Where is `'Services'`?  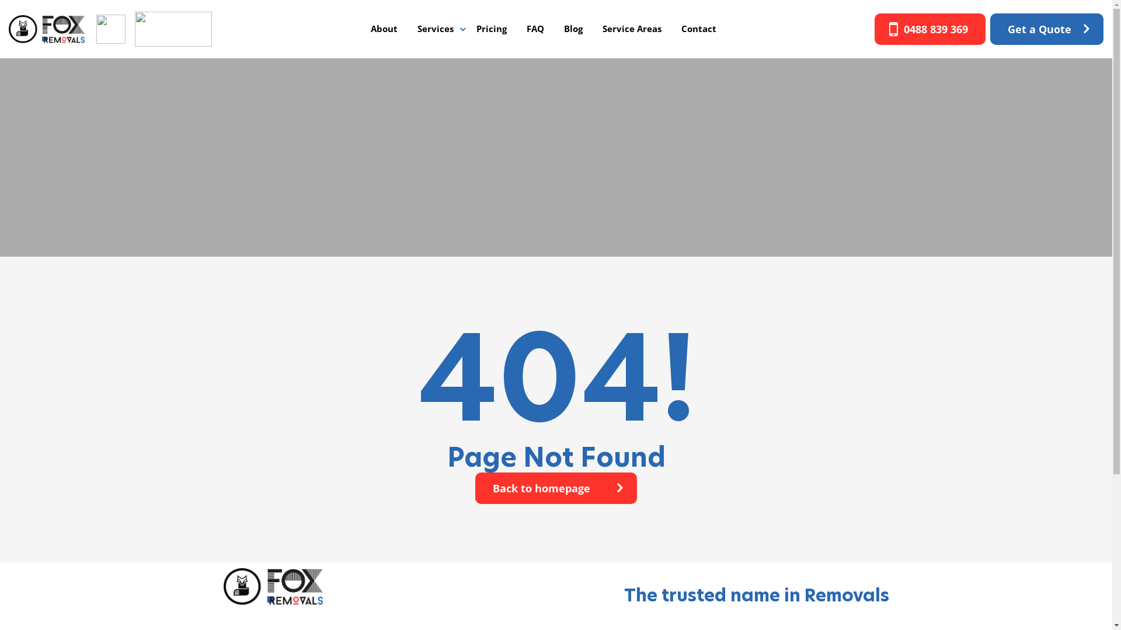 'Services' is located at coordinates (434, 28).